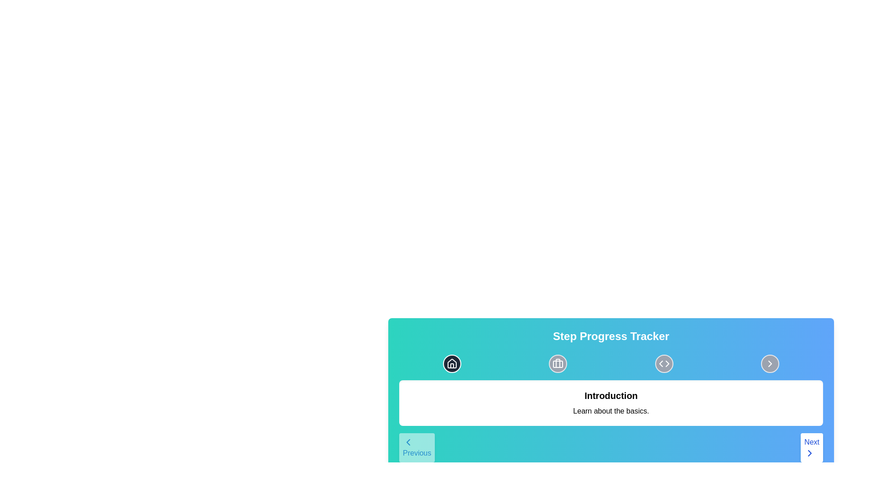 This screenshot has width=876, height=493. I want to click on the appearance of the right chevron arrow within the fourth circular navigation button located on the blue gradient bar at the top-right corner of the interface, so click(769, 363).